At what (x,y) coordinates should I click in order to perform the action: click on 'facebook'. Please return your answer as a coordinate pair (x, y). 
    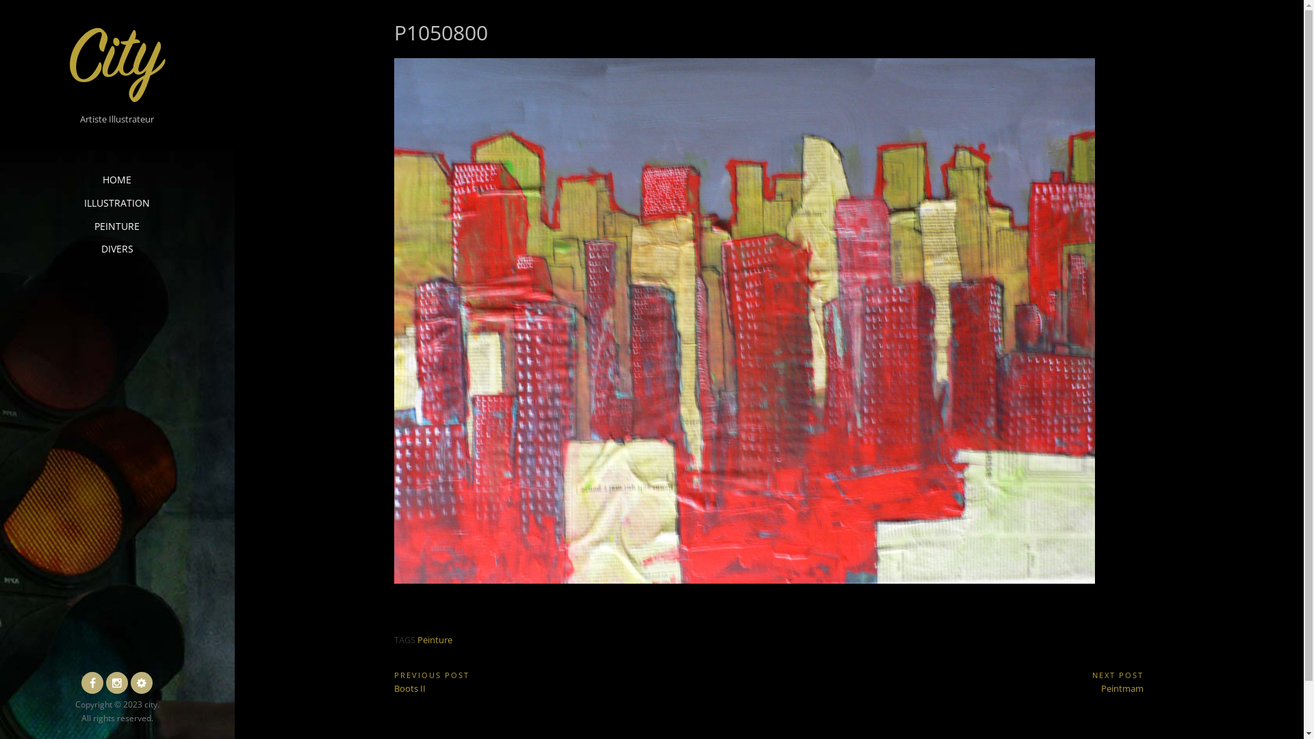
    Looking at the image, I should click on (91, 683).